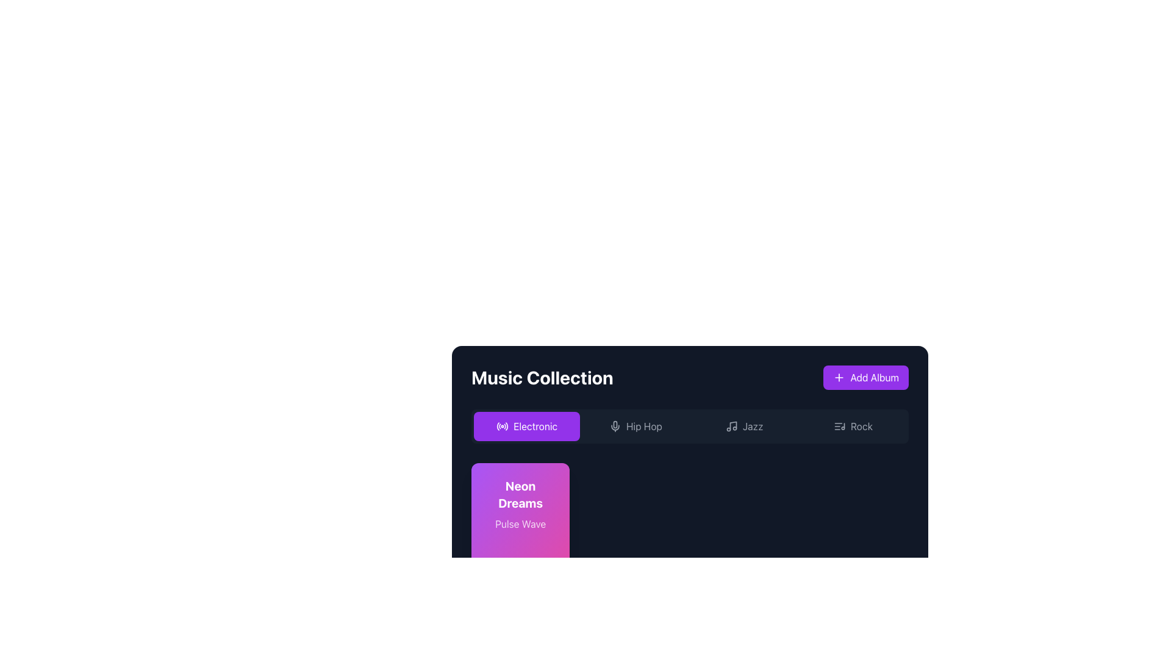 This screenshot has height=659, width=1171. What do you see at coordinates (852, 425) in the screenshot?
I see `the 'Rock' music filter button, which is the fourth item in the collection interface, located between 'Jazz' and the 'Add Album' button` at bounding box center [852, 425].